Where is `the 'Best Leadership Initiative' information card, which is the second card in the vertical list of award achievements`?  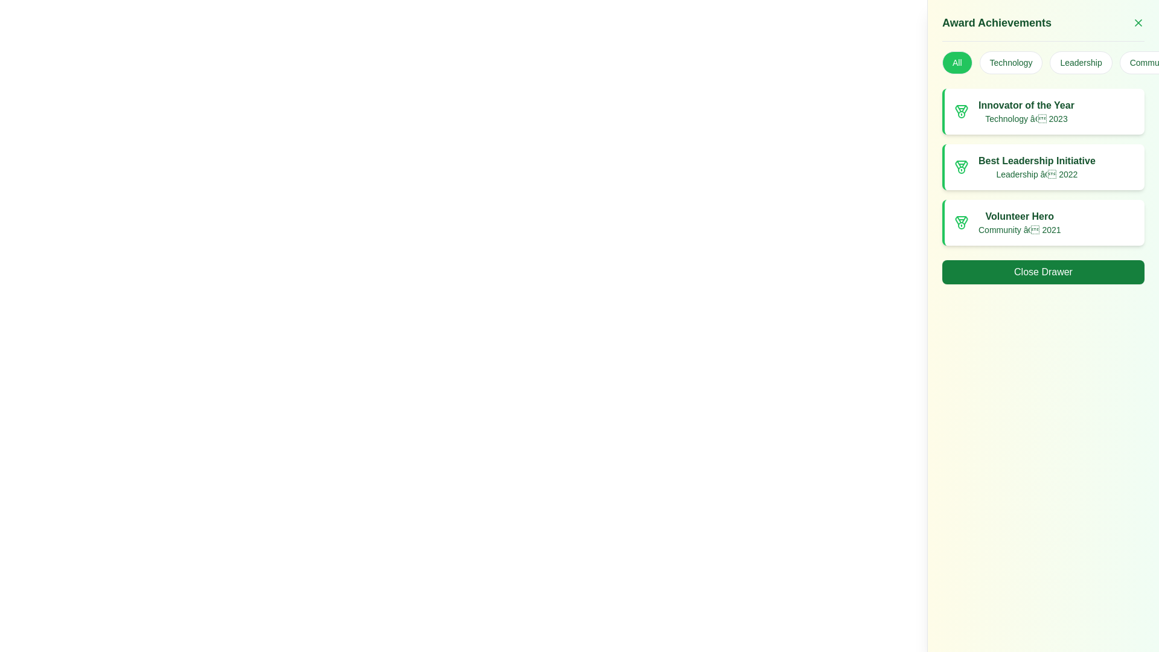
the 'Best Leadership Initiative' information card, which is the second card in the vertical list of award achievements is located at coordinates (1042, 167).